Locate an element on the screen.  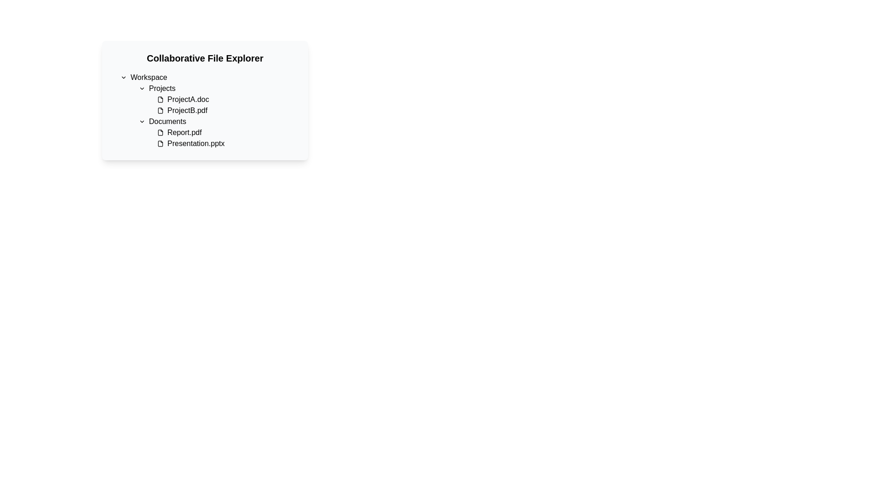
the text label displaying 'ProjectB.pdf' located in the 'Projects' directory is located at coordinates (187, 110).